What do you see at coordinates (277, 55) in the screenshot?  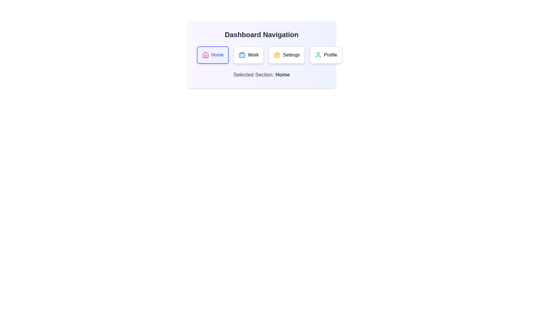 I see `the gear icon labeled 'Settings' located between the 'Work' and 'Profile' buttons in the navigation layout` at bounding box center [277, 55].